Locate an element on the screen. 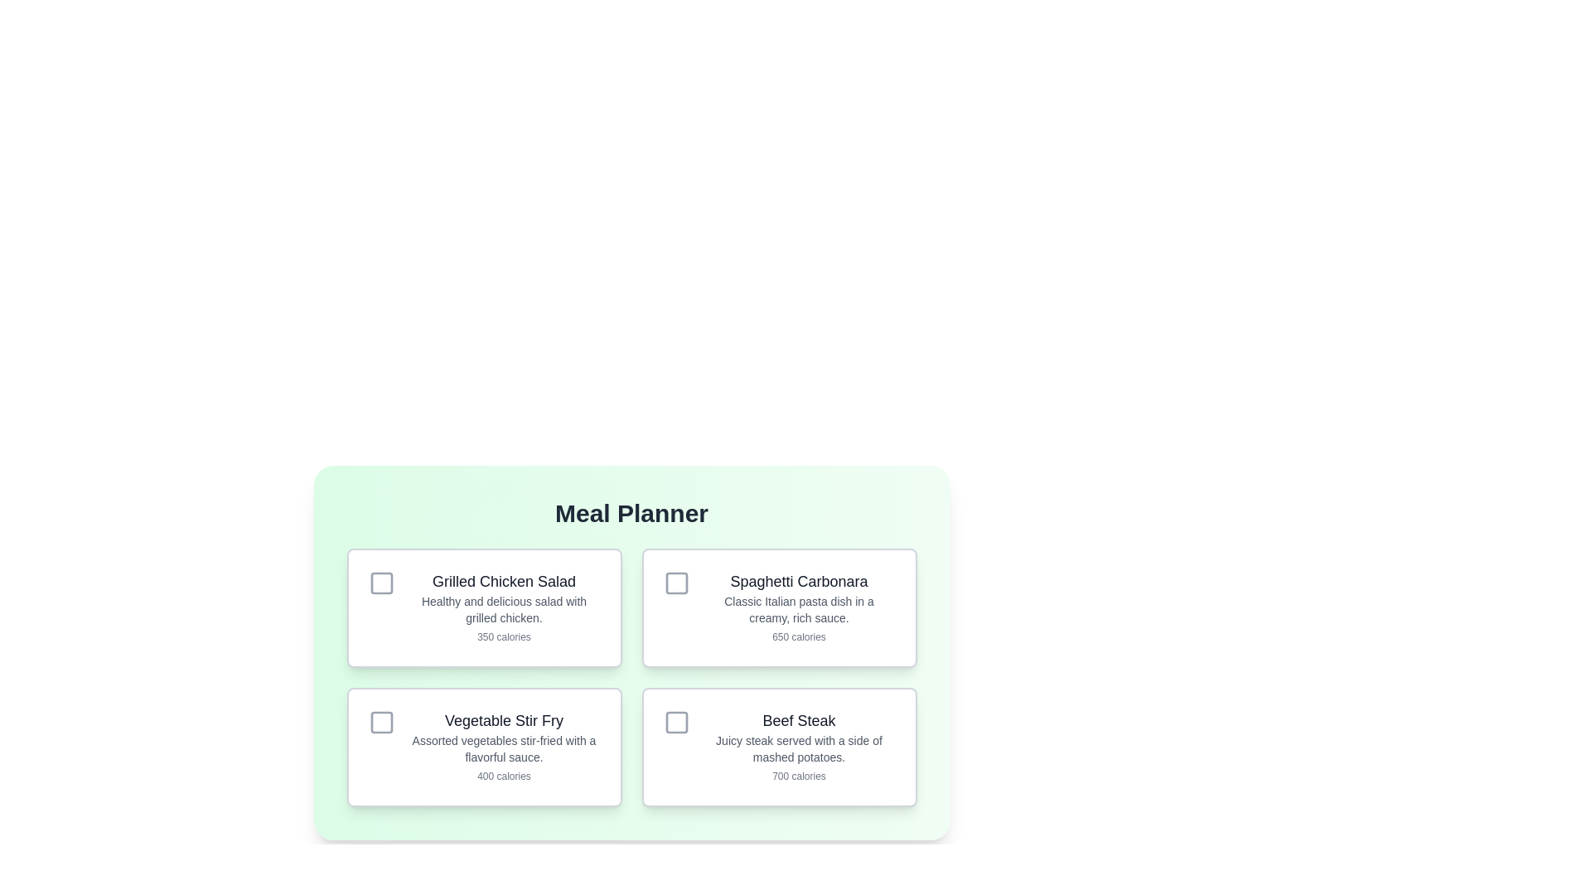 This screenshot has height=895, width=1591. and drag the checkbox card titled 'Beef Steak' to rearrange its position in the layout is located at coordinates (778, 747).